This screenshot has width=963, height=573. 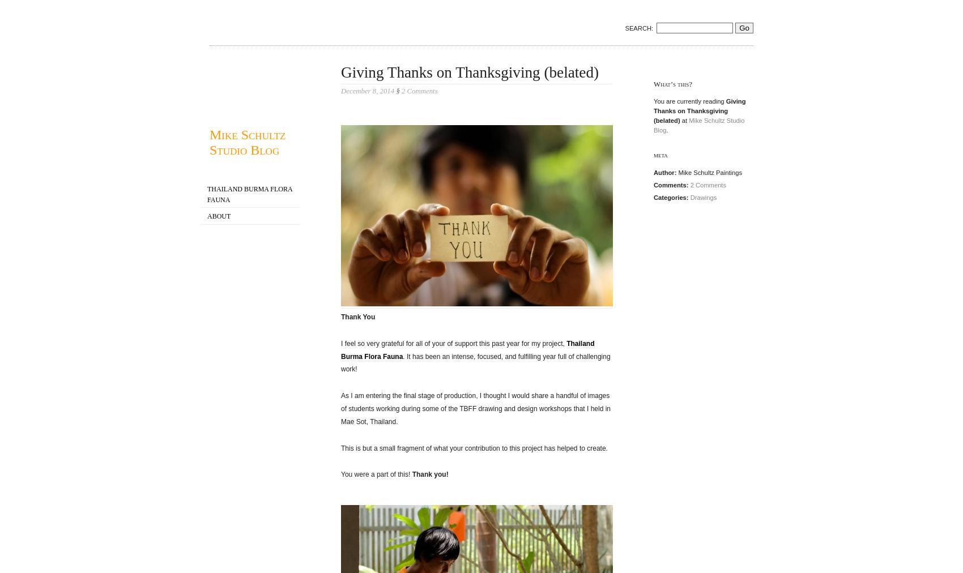 What do you see at coordinates (475, 362) in the screenshot?
I see `'. It has been an intense, focused, and fulfilling year full of challenging work!'` at bounding box center [475, 362].